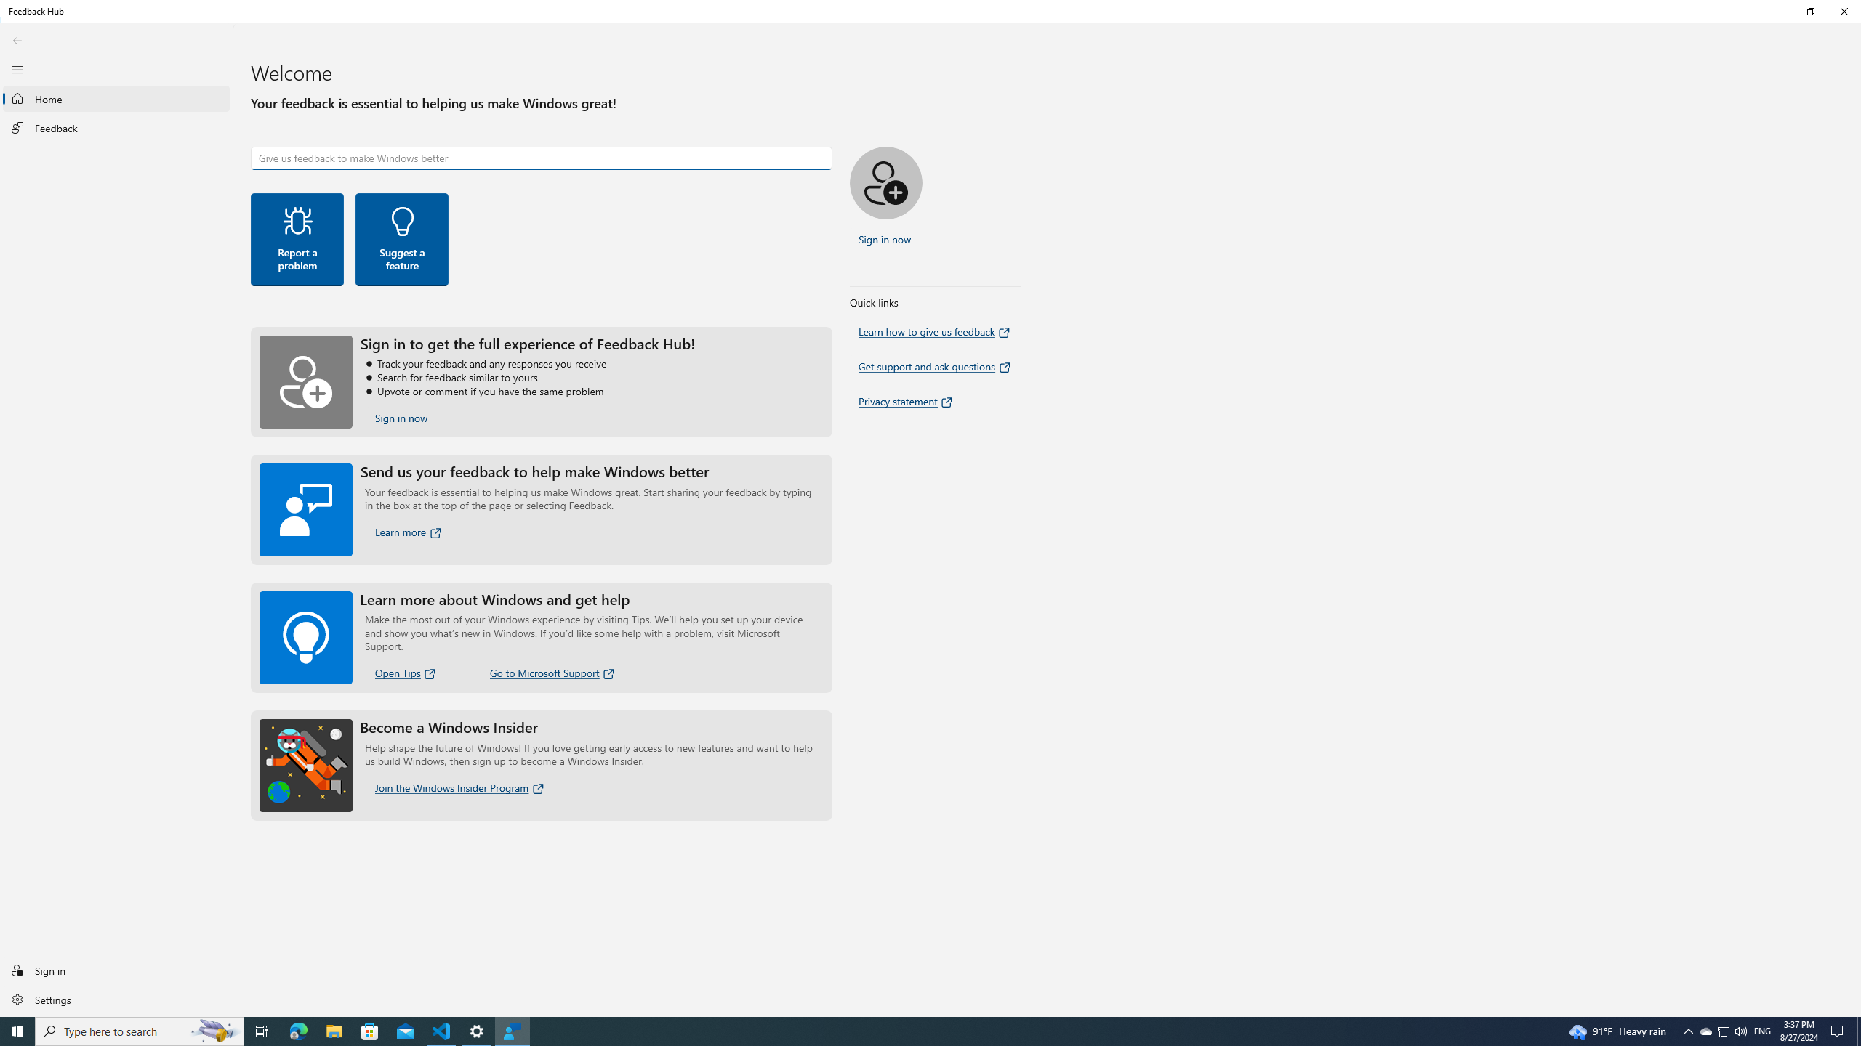 The height and width of the screenshot is (1046, 1861). What do you see at coordinates (17, 69) in the screenshot?
I see `'Close Navigation'` at bounding box center [17, 69].